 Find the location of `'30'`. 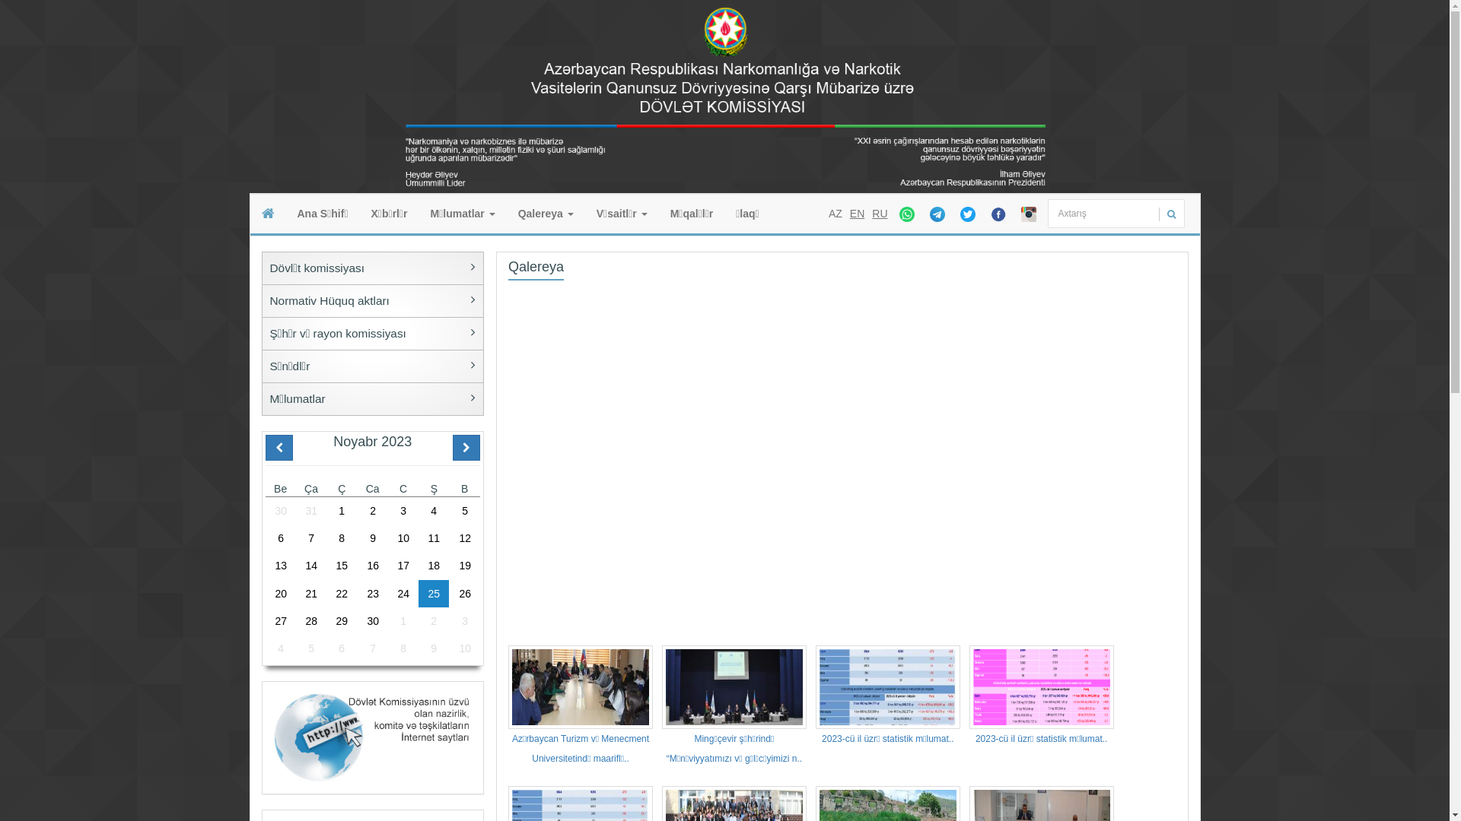

'30' is located at coordinates (264, 510).